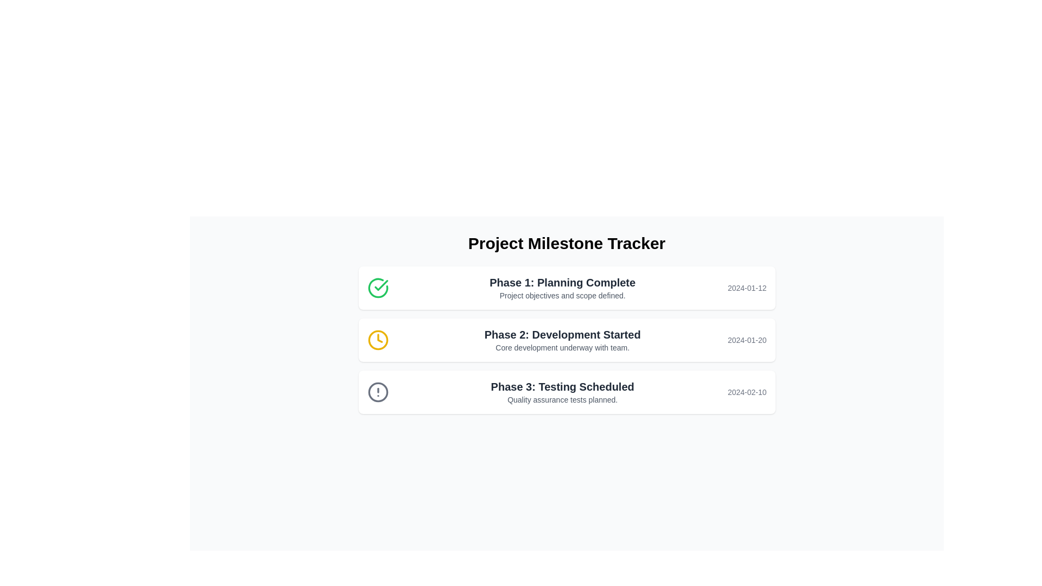 The height and width of the screenshot is (586, 1042). What do you see at coordinates (562, 392) in the screenshot?
I see `the Text Display element containing the text 'Phase 3: Testing Scheduled' which is part of the third card in the 'Project Milestone Tracker' section` at bounding box center [562, 392].